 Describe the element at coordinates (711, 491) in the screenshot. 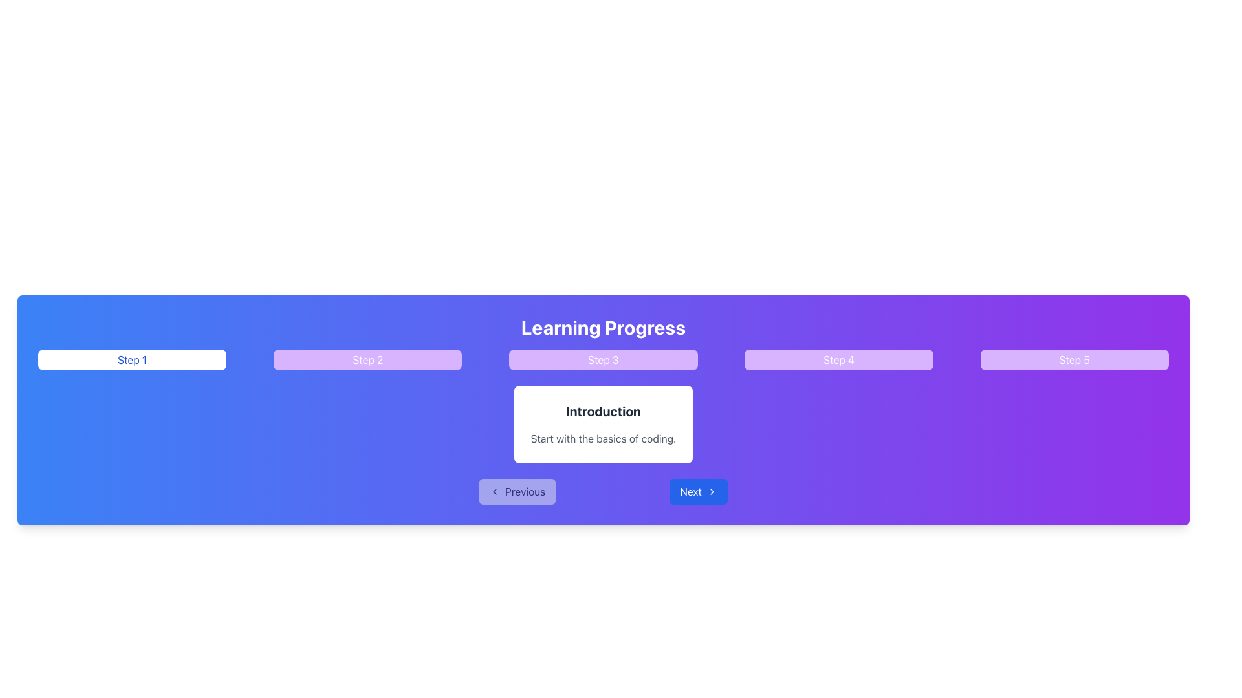

I see `the 'Next' button, which contains the chevron icon positioned to its right, to interact and proceed forward in the navigation` at that location.